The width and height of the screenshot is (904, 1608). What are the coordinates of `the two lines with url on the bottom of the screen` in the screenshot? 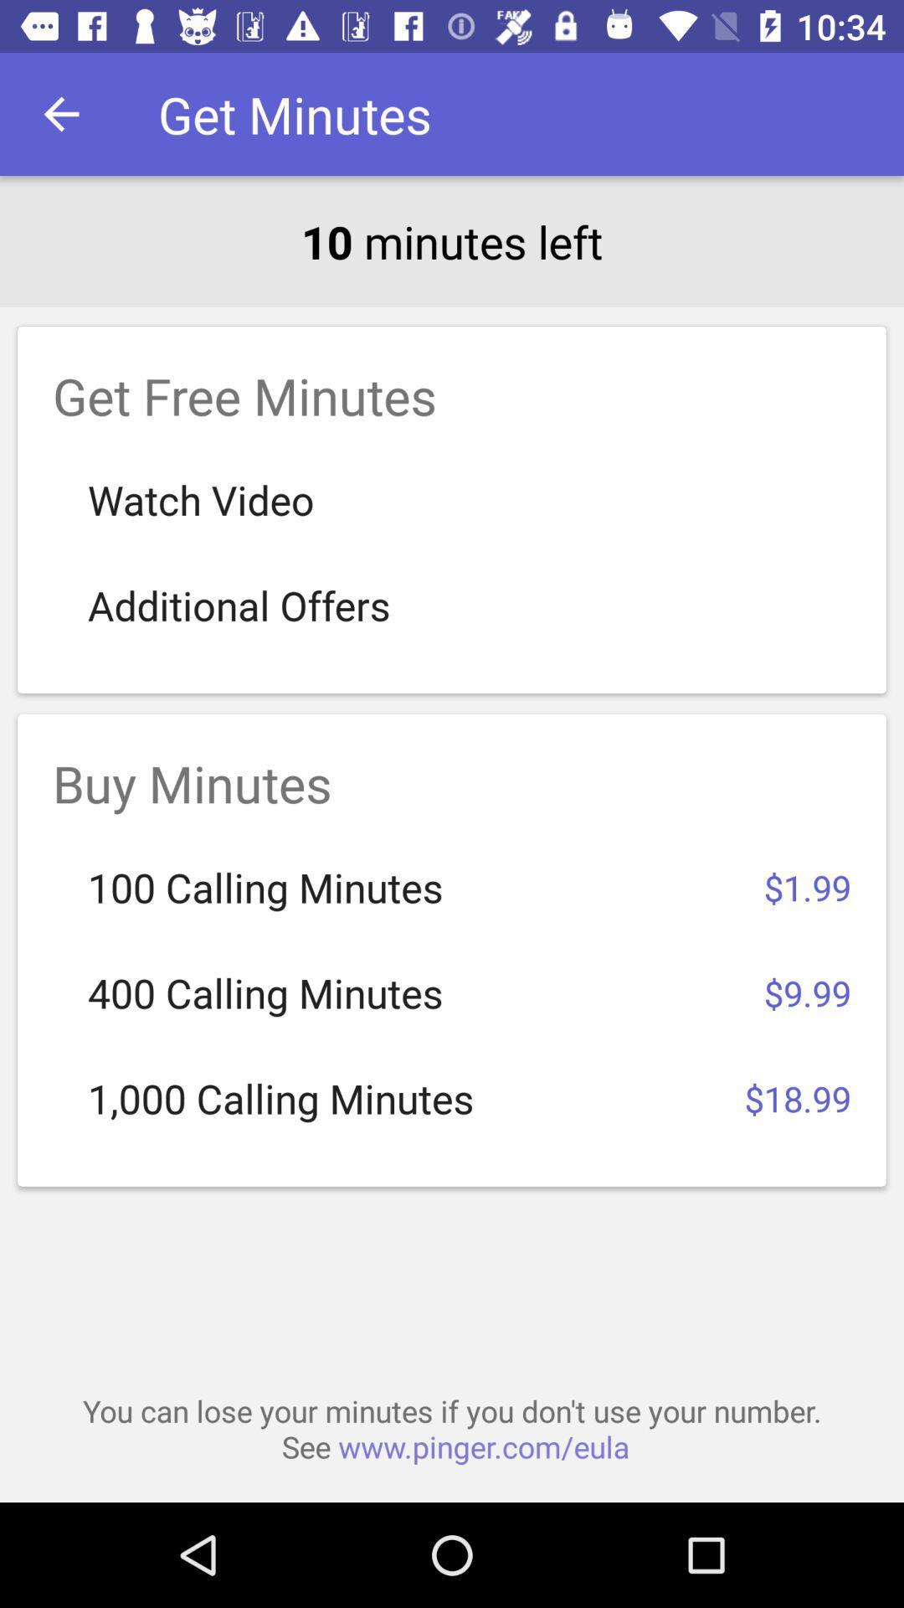 It's located at (452, 1428).